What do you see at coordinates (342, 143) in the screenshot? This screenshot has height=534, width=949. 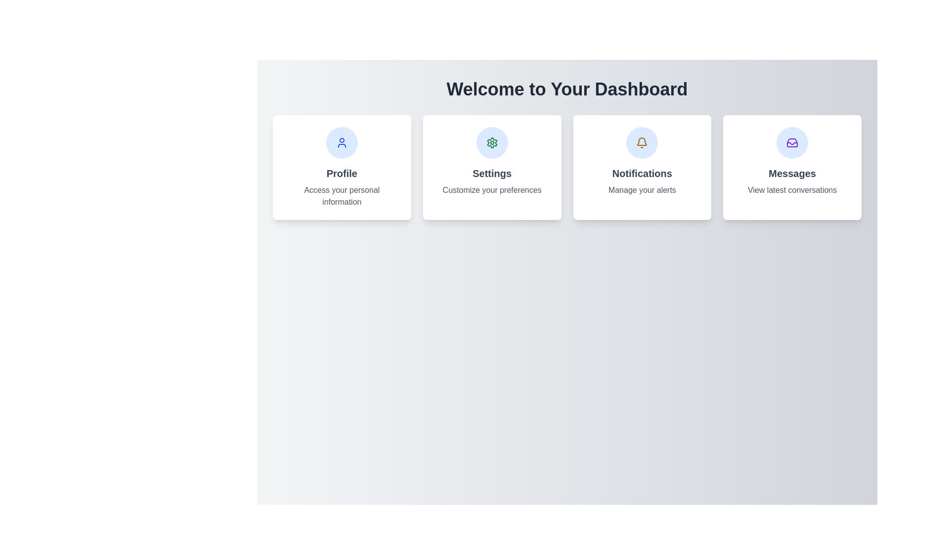 I see `the user icon depicted with a circular head and a simplified torso, rendered in blue, which is centered within the light circular background on the 'Profile' card` at bounding box center [342, 143].